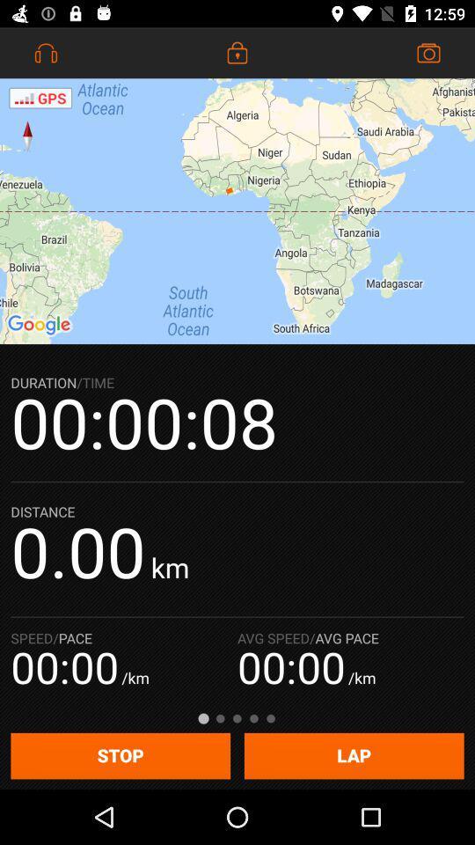  Describe the element at coordinates (427, 52) in the screenshot. I see `the icon at the top right corner` at that location.